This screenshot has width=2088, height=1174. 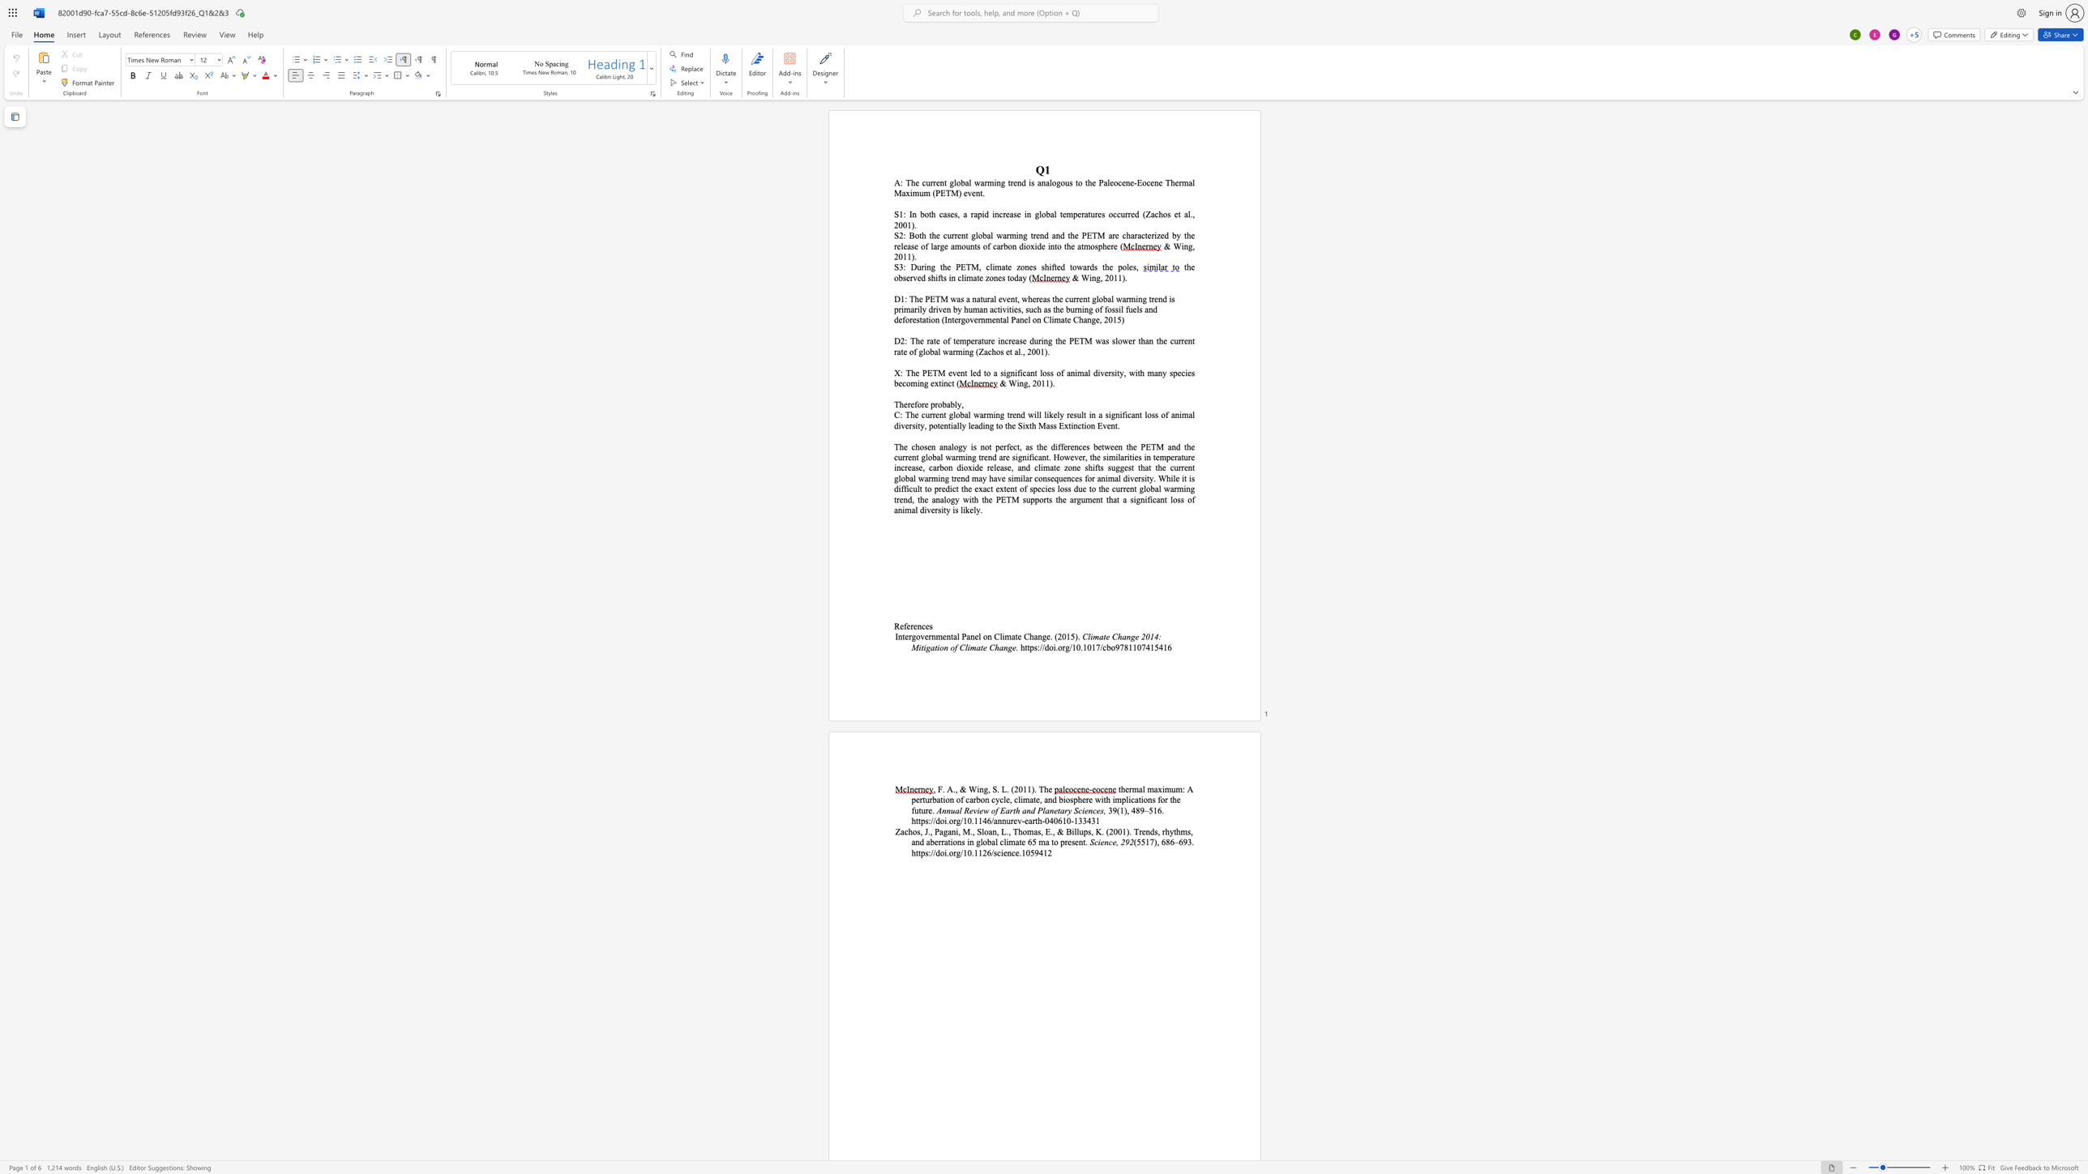 What do you see at coordinates (916, 842) in the screenshot?
I see `the 1th character "n" in the text` at bounding box center [916, 842].